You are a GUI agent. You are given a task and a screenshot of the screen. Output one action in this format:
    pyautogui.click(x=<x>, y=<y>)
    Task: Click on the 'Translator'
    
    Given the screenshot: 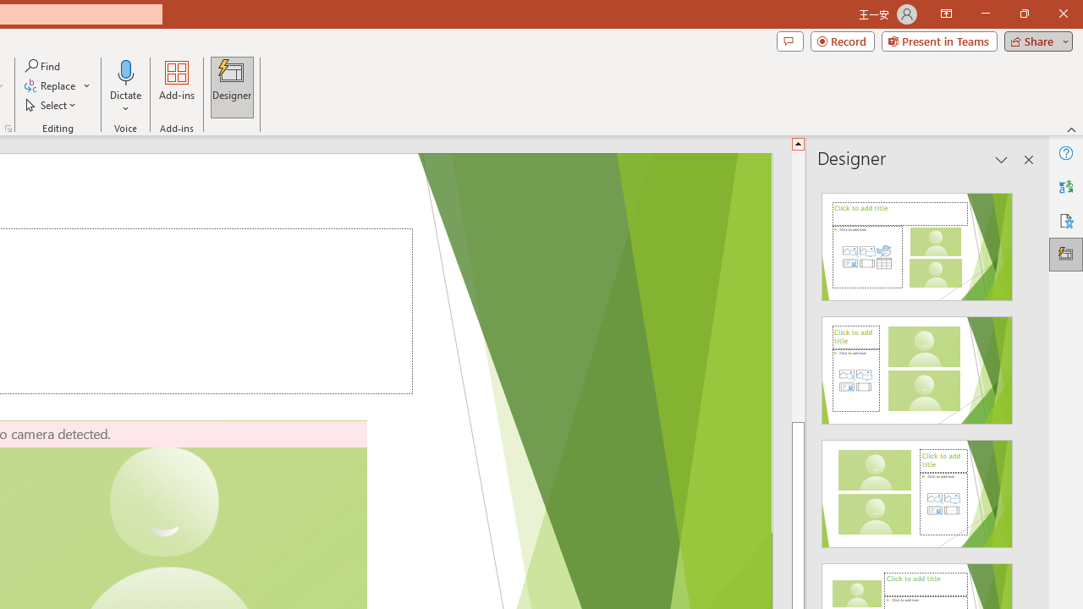 What is the action you would take?
    pyautogui.click(x=1065, y=187)
    